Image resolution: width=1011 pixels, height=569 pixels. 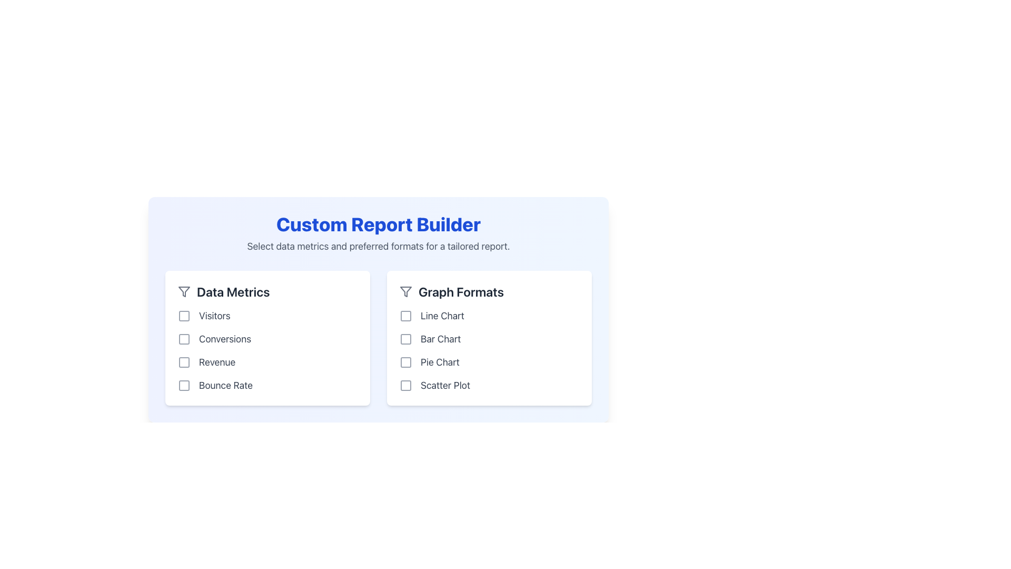 What do you see at coordinates (267, 386) in the screenshot?
I see `the 'Bounce Rate' checkbox to rapidly switch its selection state` at bounding box center [267, 386].